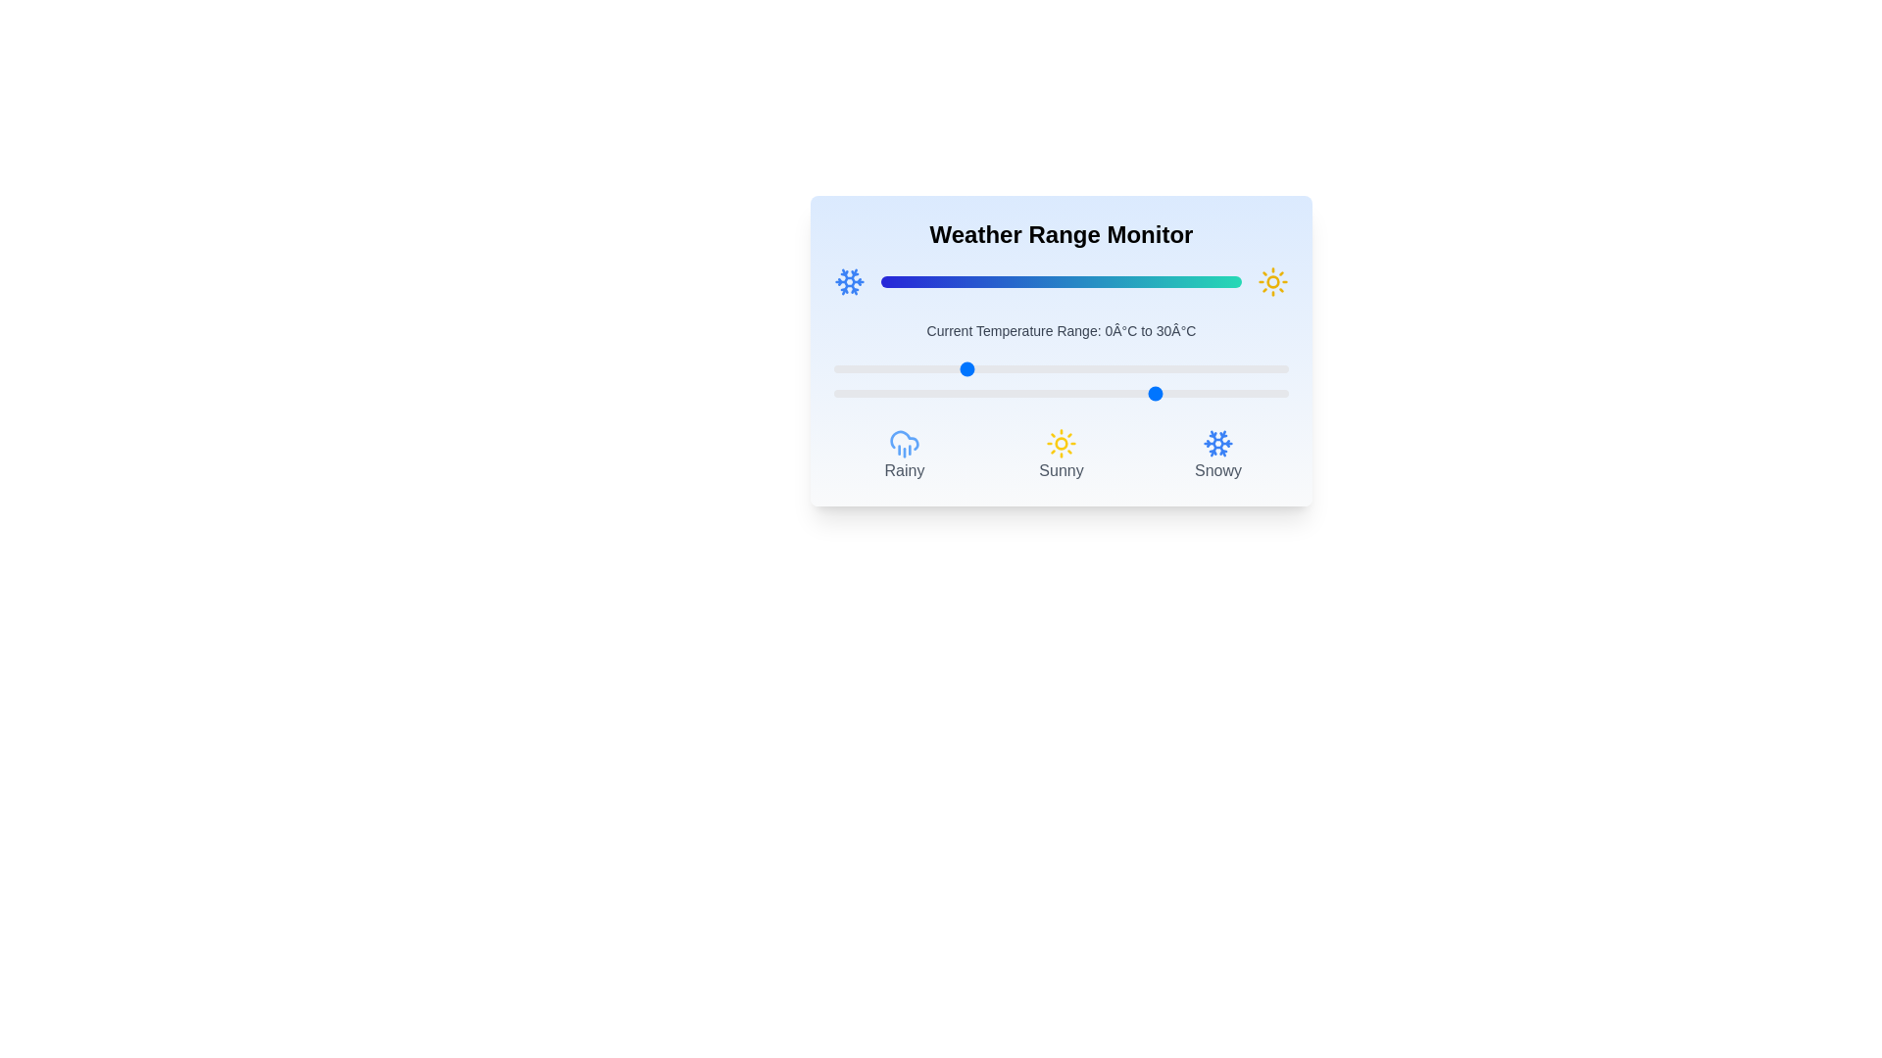 This screenshot has width=1882, height=1058. What do you see at coordinates (1061, 282) in the screenshot?
I see `the graphic scale bar representing the temperature range, located below the 'Weather Range Monitor' heading and framed by snowflake and sun icons` at bounding box center [1061, 282].